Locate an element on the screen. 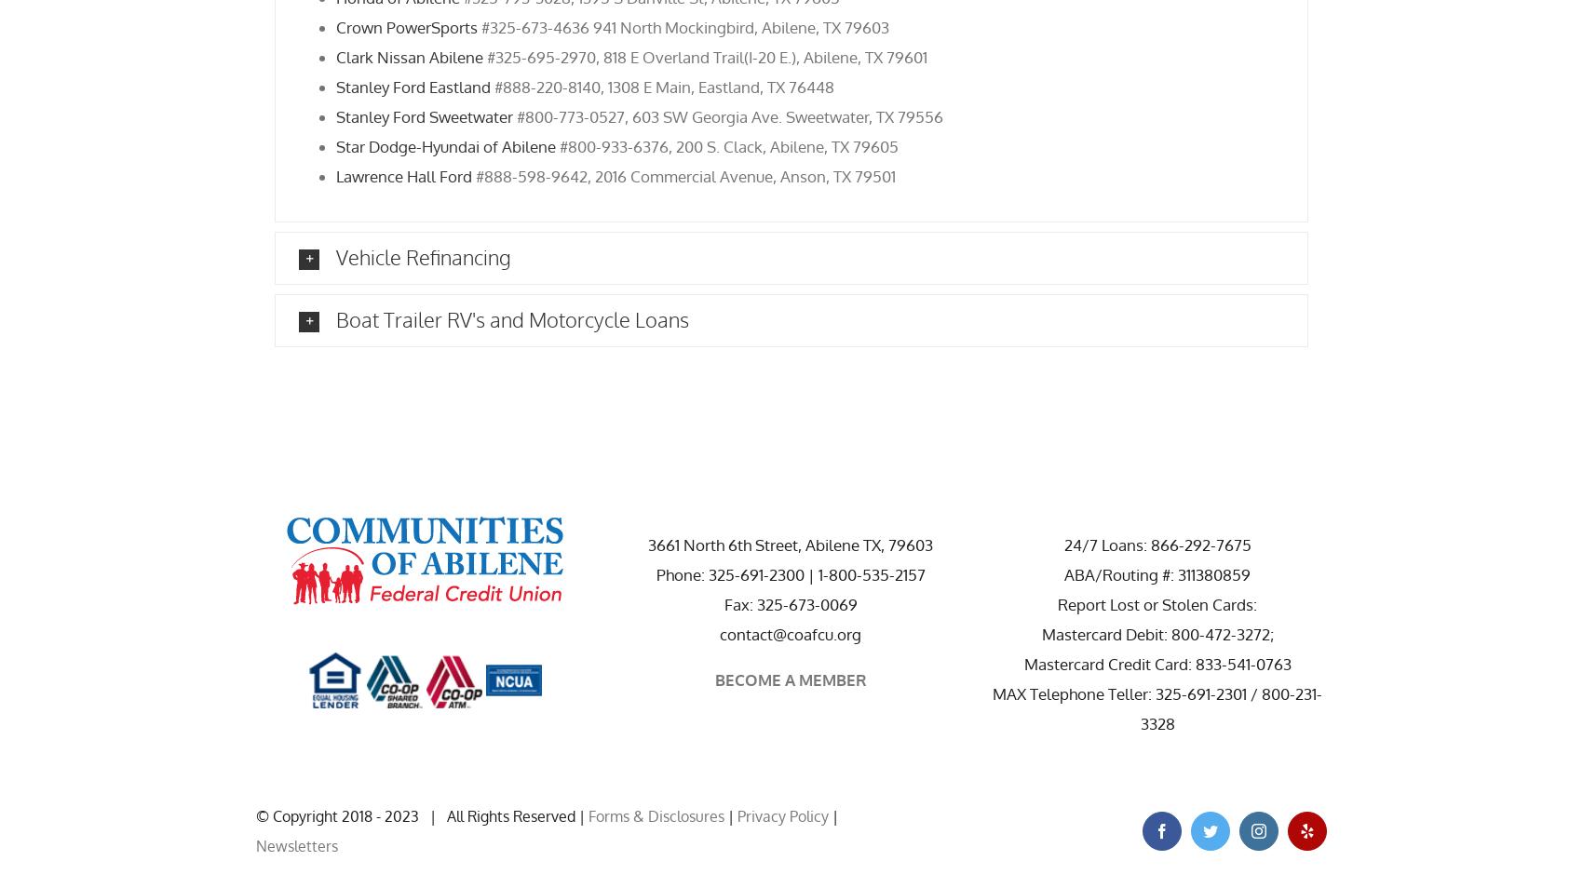 Image resolution: width=1583 pixels, height=888 pixels. '#800-933-6376, 200 S. Clack, Abilene, TX 79605' is located at coordinates (725, 144).